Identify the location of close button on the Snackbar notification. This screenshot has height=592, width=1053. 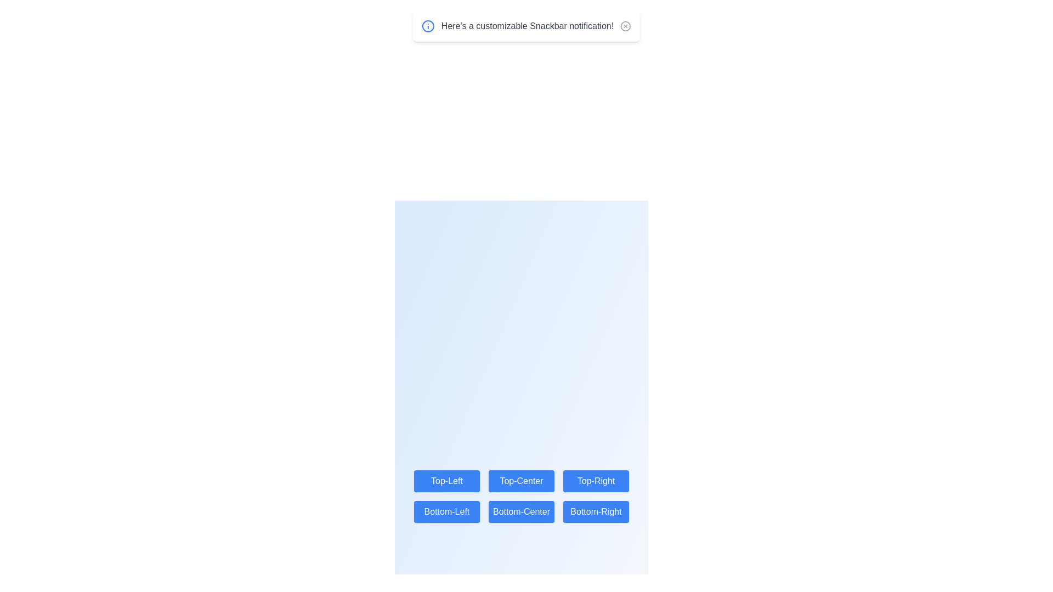
(626, 25).